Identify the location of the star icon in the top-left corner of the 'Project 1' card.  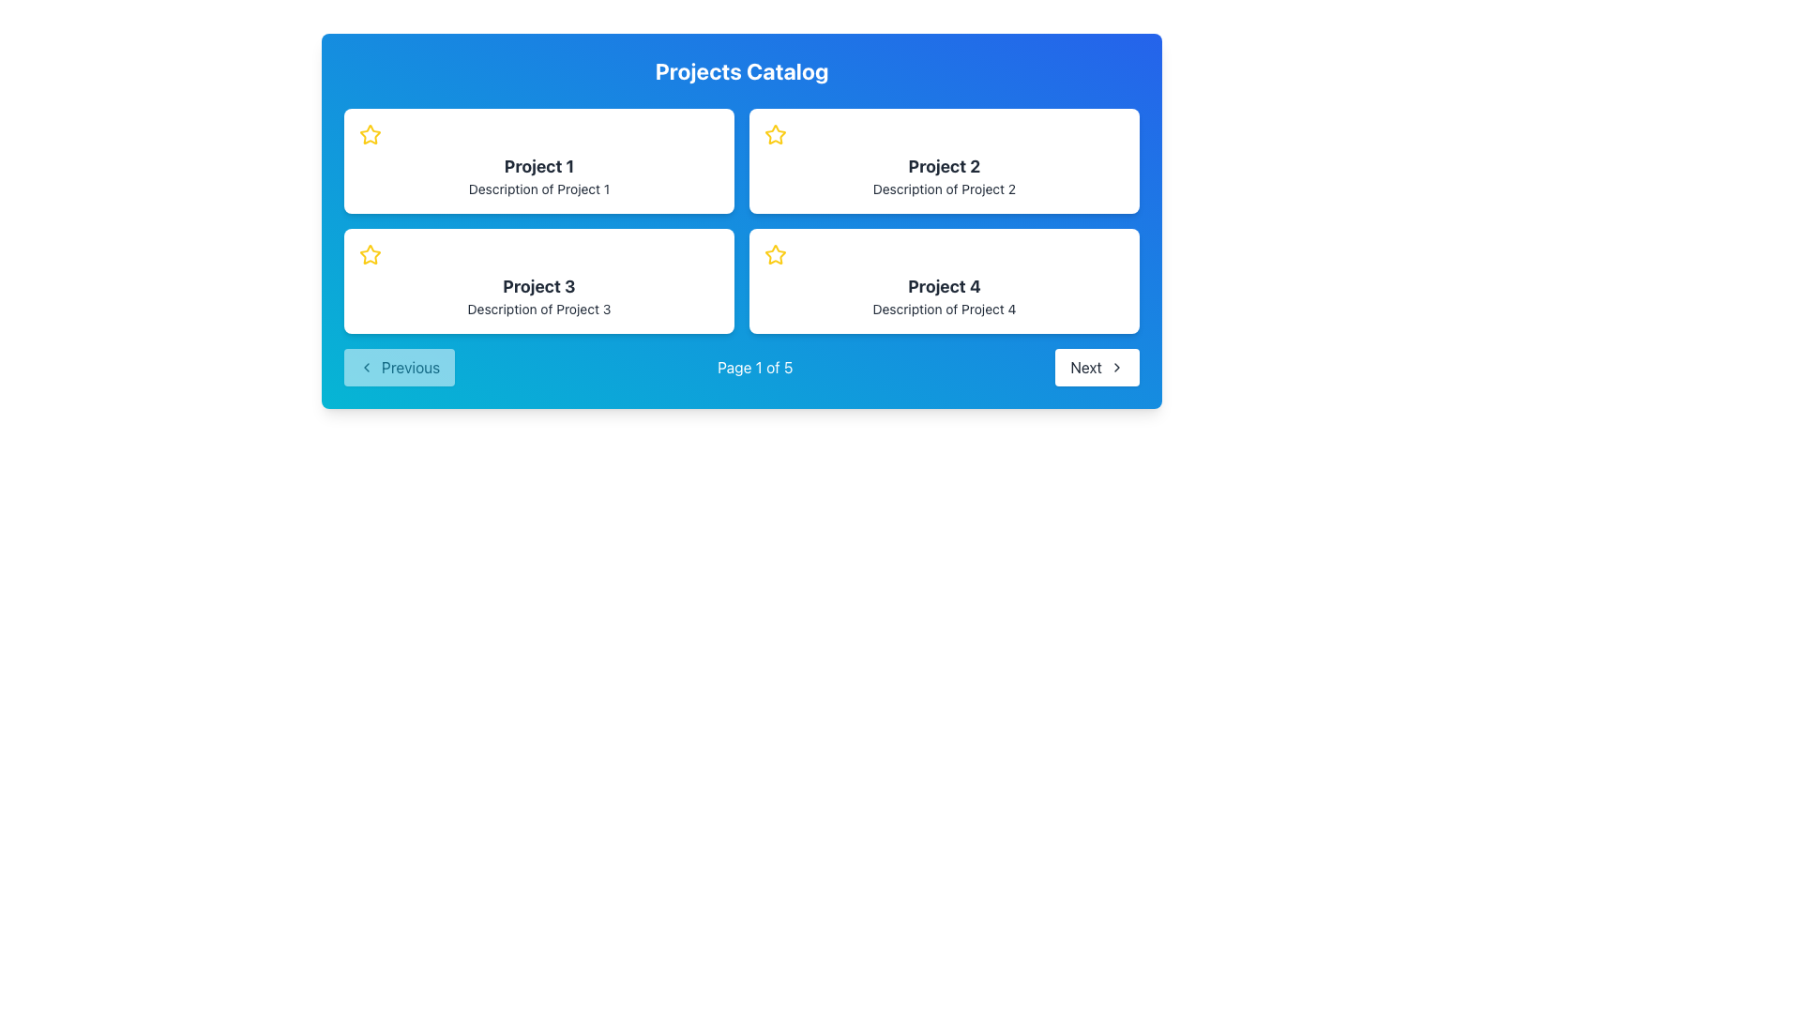
(370, 133).